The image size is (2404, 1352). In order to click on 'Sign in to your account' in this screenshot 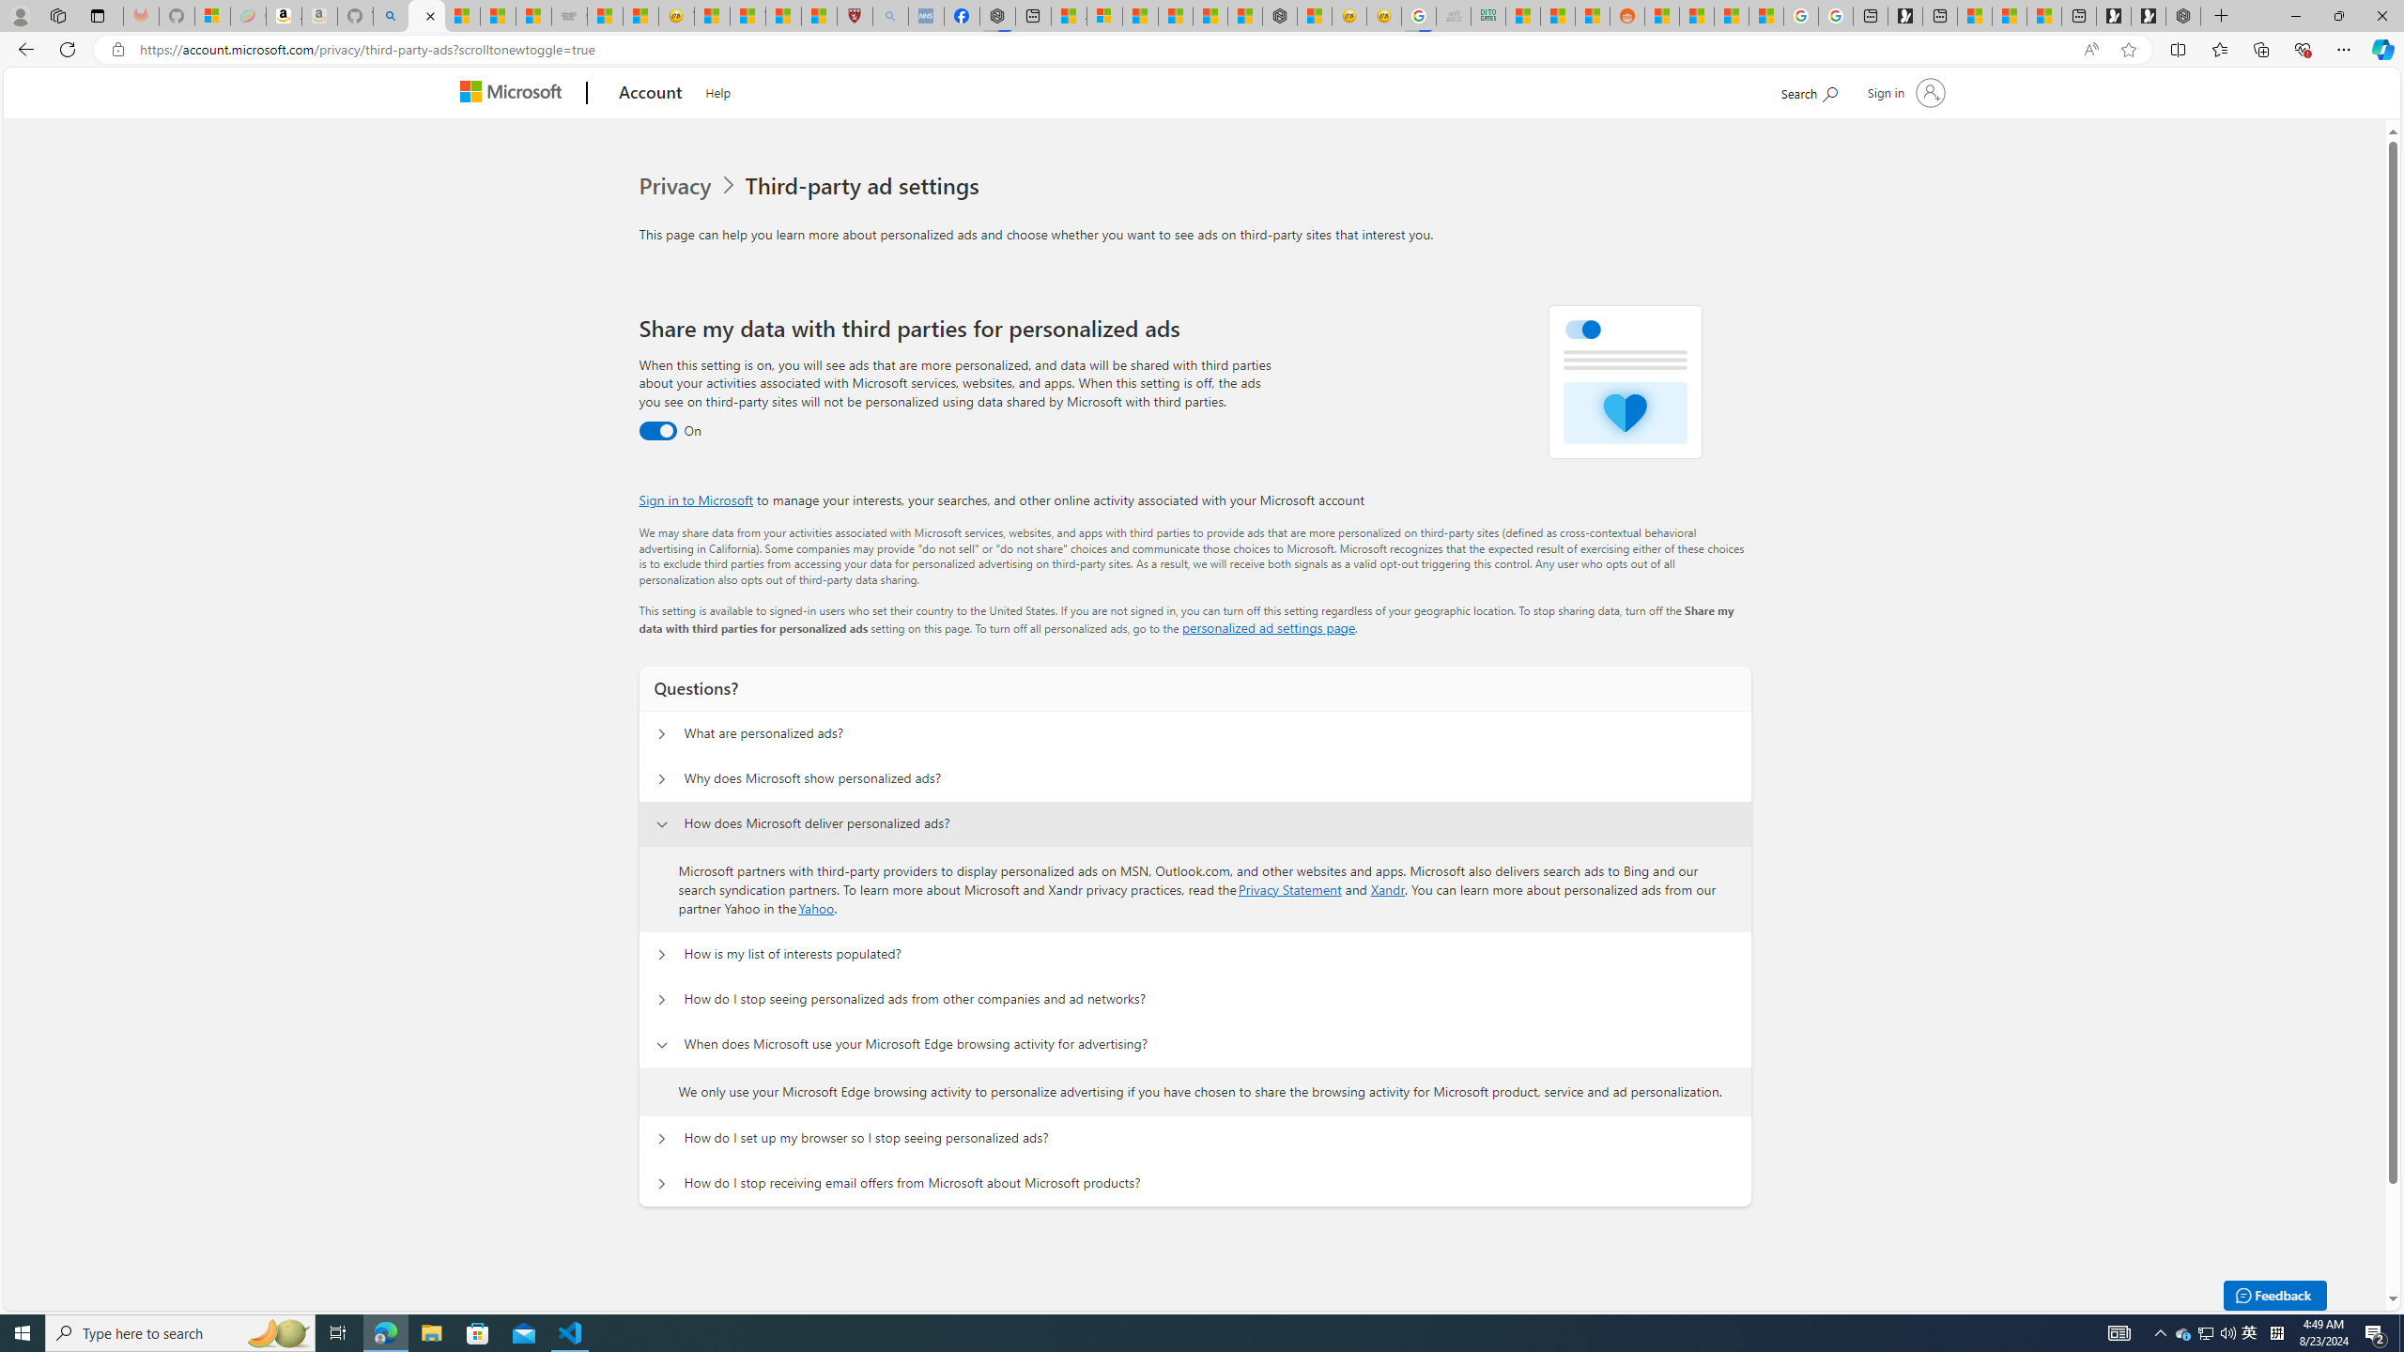, I will do `click(1903, 91)`.